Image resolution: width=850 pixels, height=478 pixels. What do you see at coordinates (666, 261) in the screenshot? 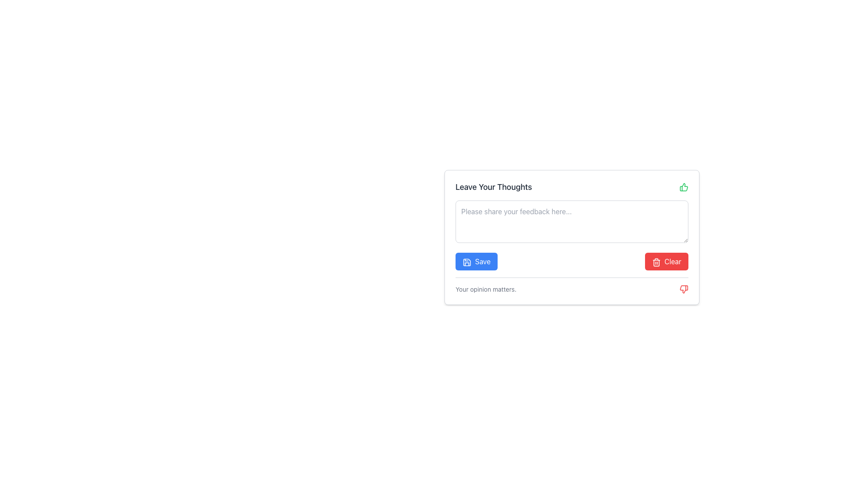
I see `the clear/reset button located in the bottom right corner of the form interface` at bounding box center [666, 261].